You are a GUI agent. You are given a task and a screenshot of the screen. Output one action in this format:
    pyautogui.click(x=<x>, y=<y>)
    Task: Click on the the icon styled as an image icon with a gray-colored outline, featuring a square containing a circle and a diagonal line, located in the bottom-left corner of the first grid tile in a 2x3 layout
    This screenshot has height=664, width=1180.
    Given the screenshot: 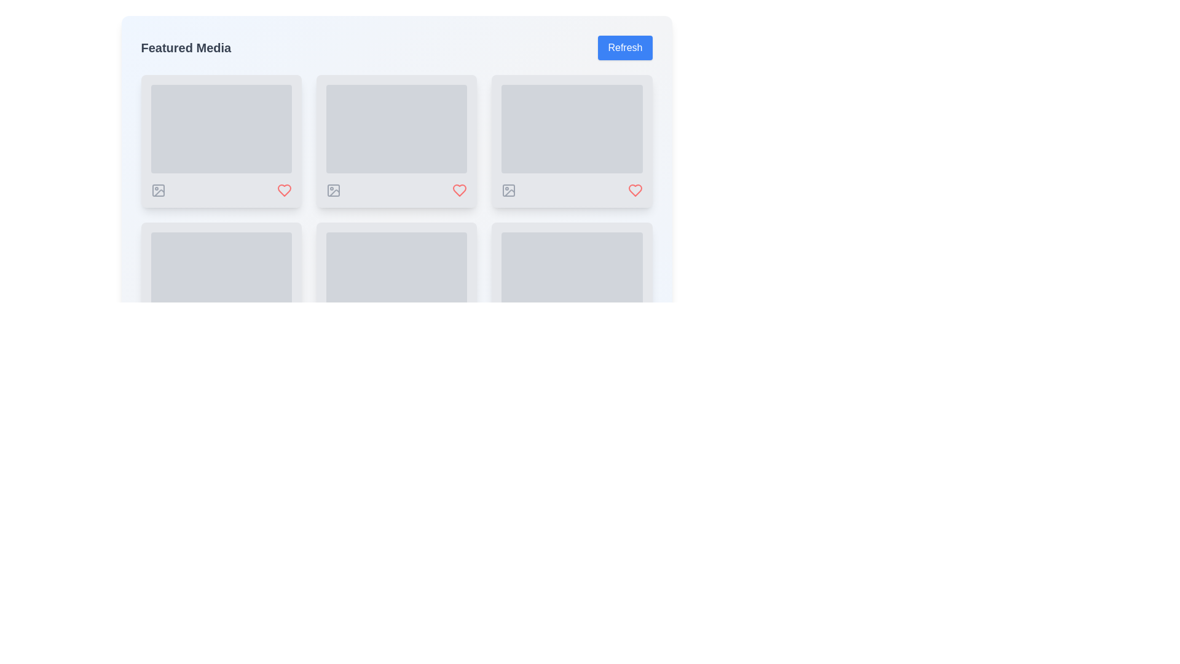 What is the action you would take?
    pyautogui.click(x=157, y=190)
    